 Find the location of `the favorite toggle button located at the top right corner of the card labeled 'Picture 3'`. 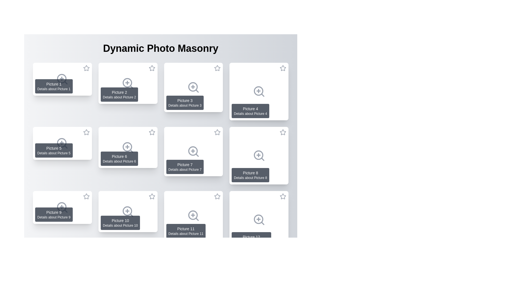

the favorite toggle button located at the top right corner of the card labeled 'Picture 3' is located at coordinates (217, 68).